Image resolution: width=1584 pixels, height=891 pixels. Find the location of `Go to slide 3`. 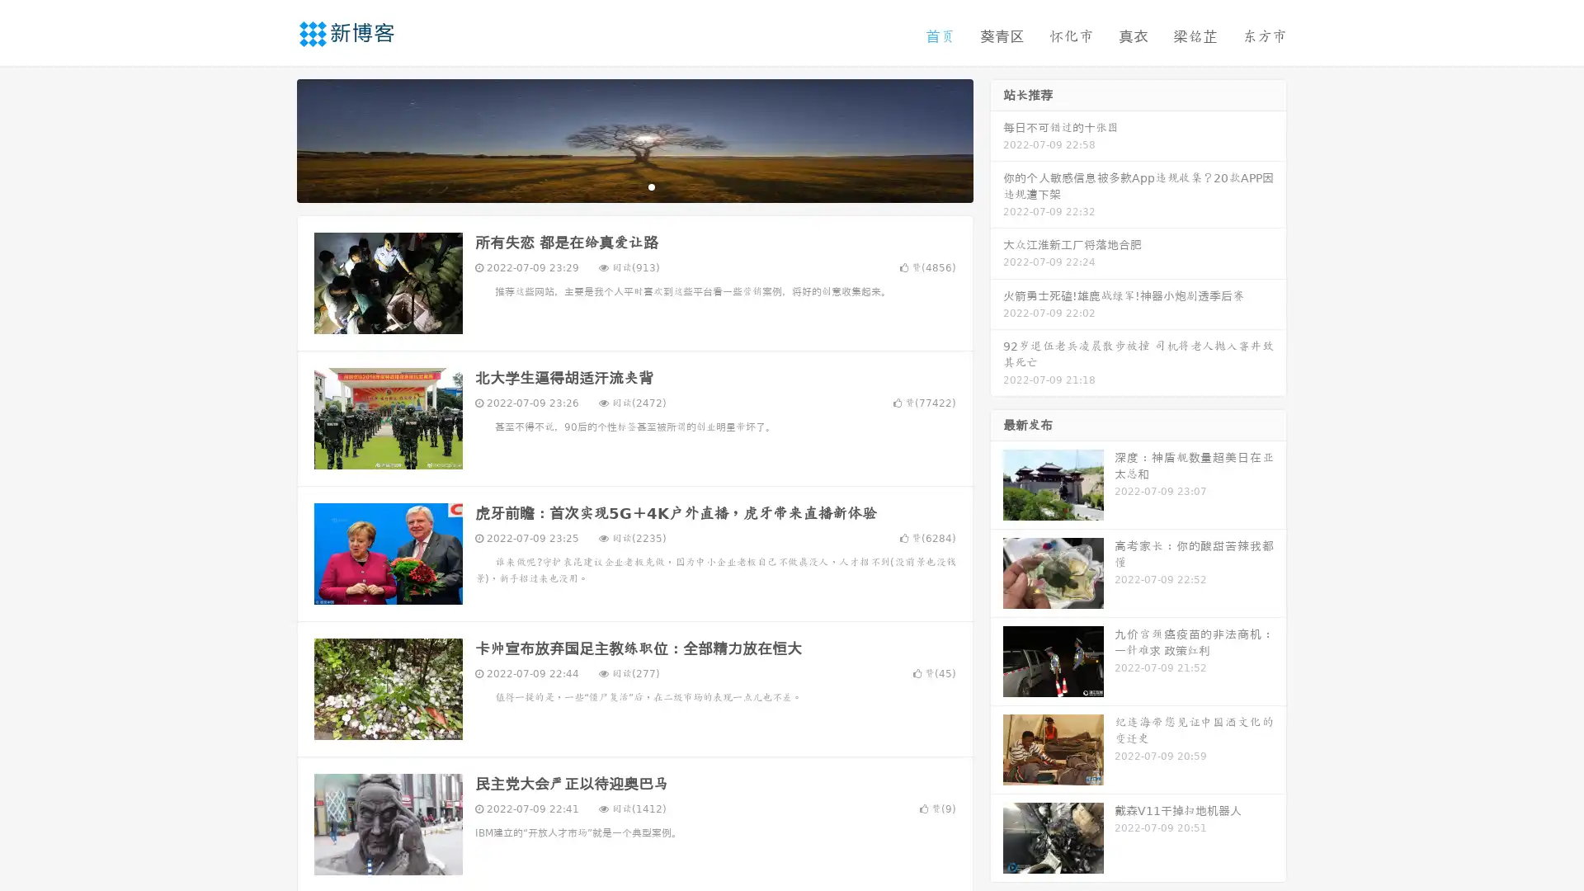

Go to slide 3 is located at coordinates (651, 186).